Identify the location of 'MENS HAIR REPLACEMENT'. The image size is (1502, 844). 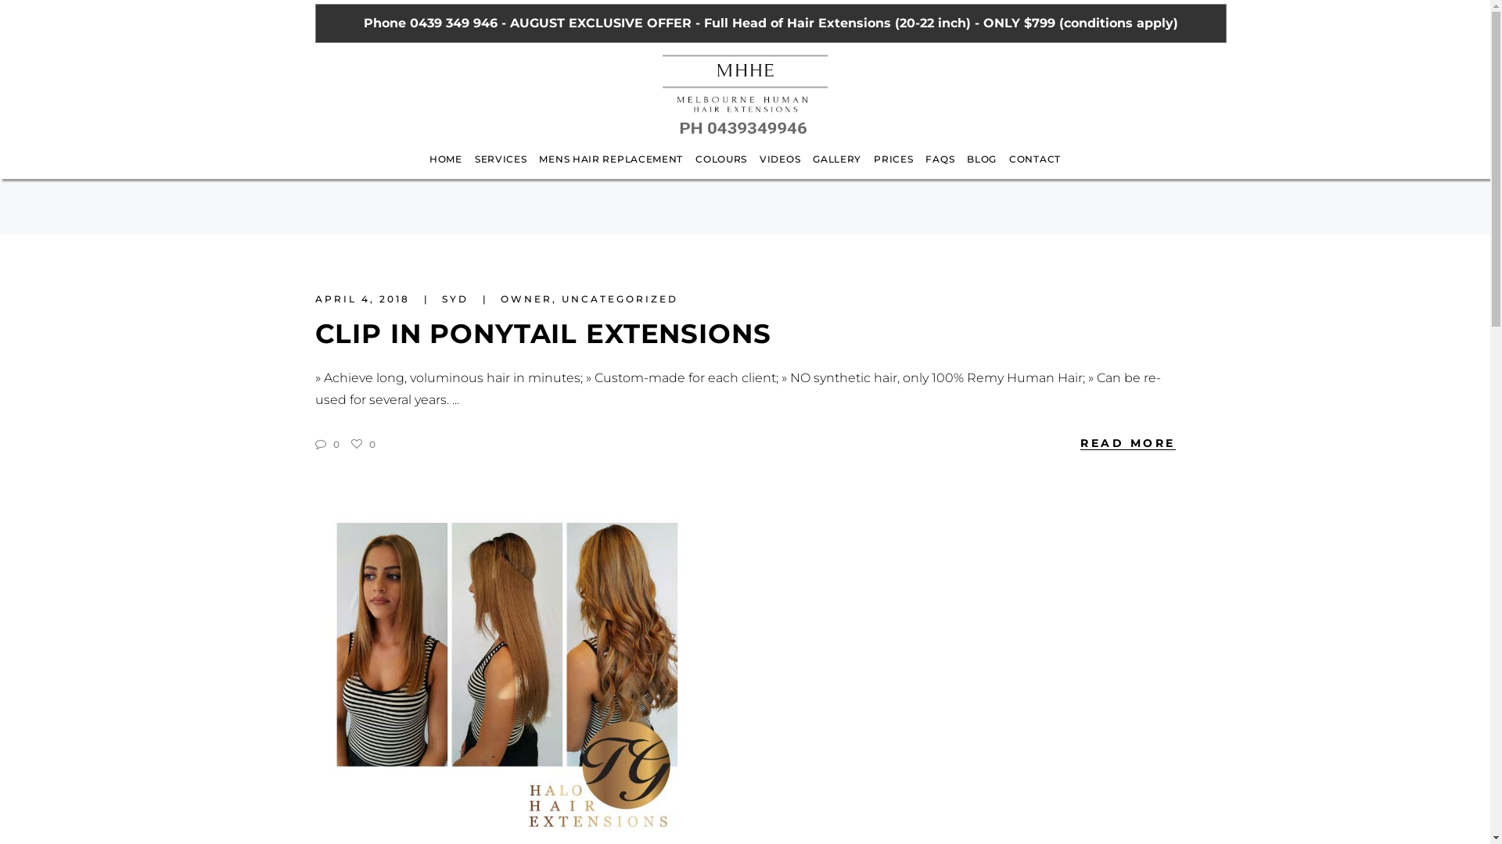
(610, 169).